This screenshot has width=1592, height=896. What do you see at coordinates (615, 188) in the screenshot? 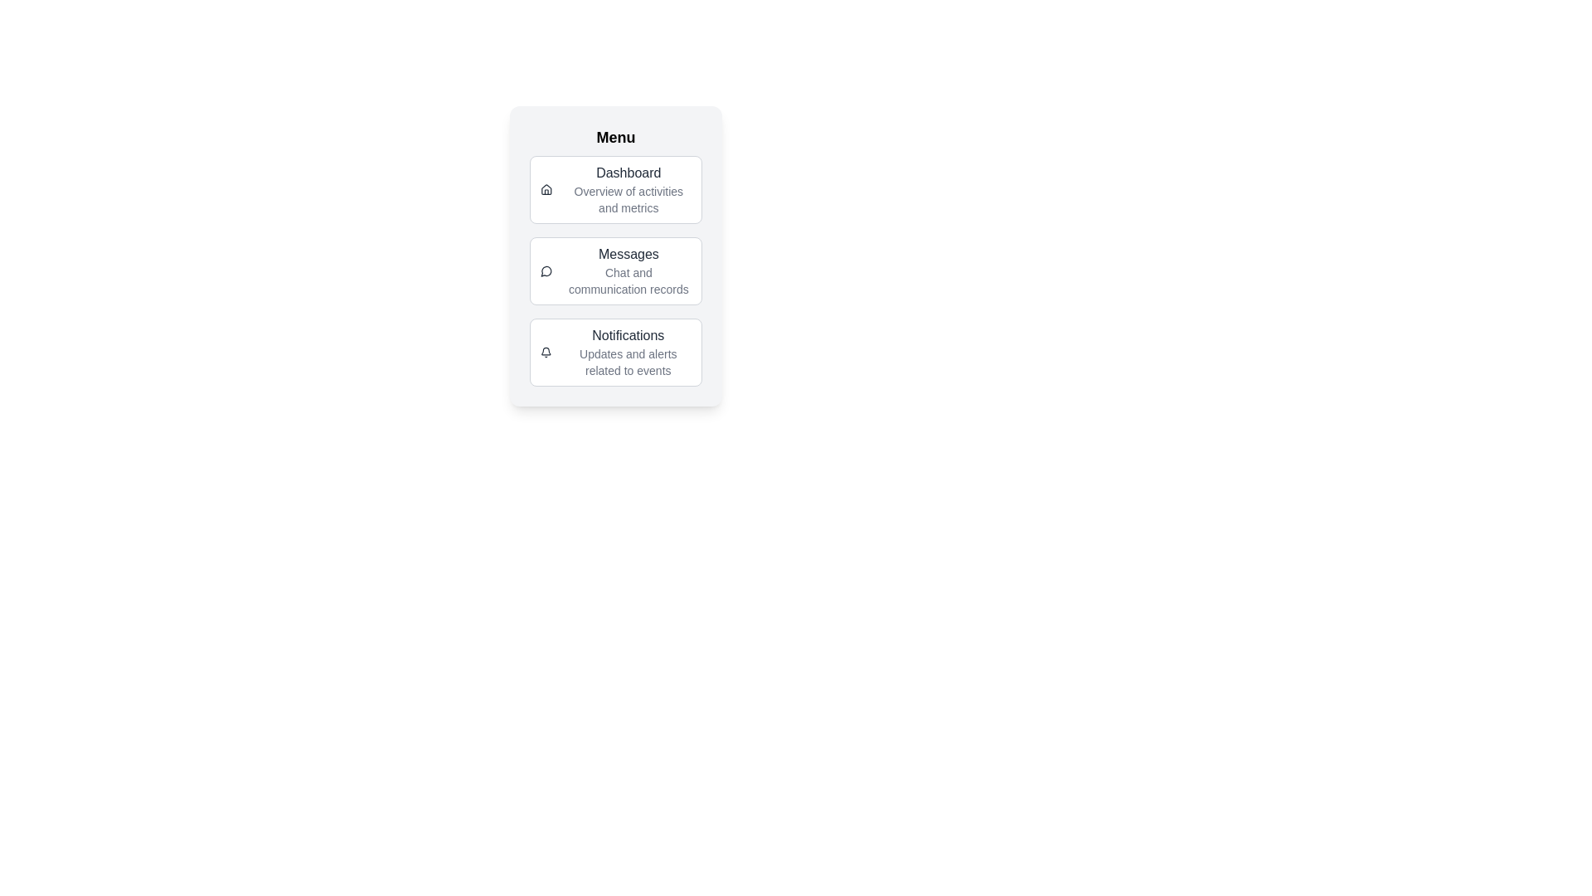
I see `the menu item Dashboard to activate it` at bounding box center [615, 188].